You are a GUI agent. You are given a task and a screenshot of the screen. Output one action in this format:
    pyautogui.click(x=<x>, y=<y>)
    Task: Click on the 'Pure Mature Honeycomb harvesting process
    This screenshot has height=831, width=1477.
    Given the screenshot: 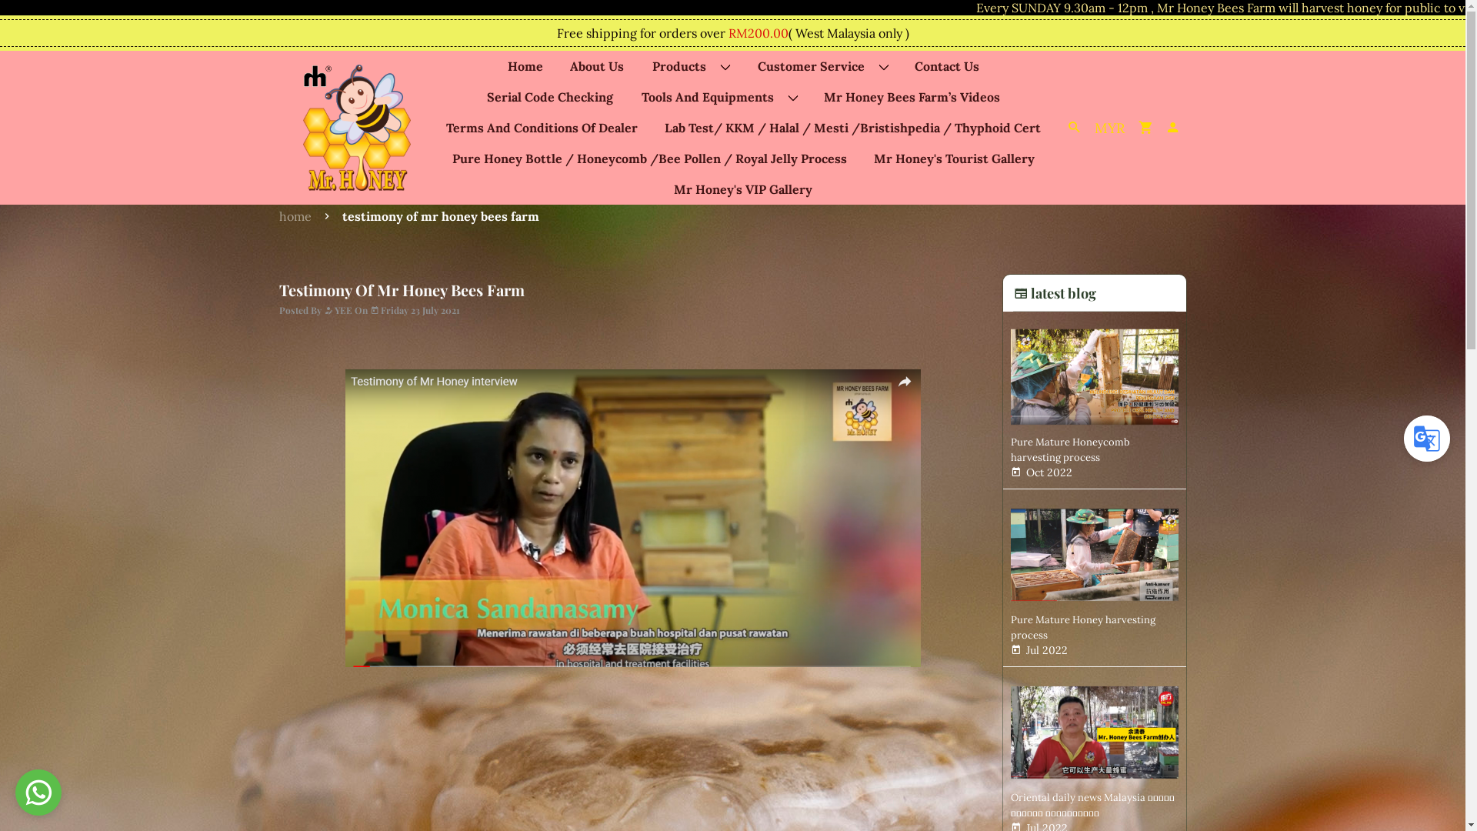 What is the action you would take?
    pyautogui.click(x=1093, y=399)
    